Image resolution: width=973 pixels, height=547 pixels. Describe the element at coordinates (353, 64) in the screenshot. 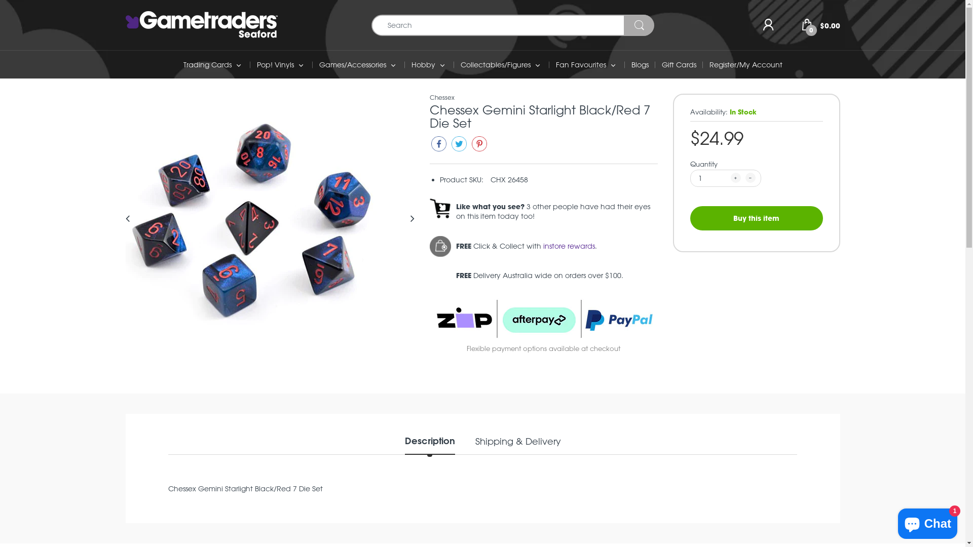

I see `'Games/Accessories'` at that location.